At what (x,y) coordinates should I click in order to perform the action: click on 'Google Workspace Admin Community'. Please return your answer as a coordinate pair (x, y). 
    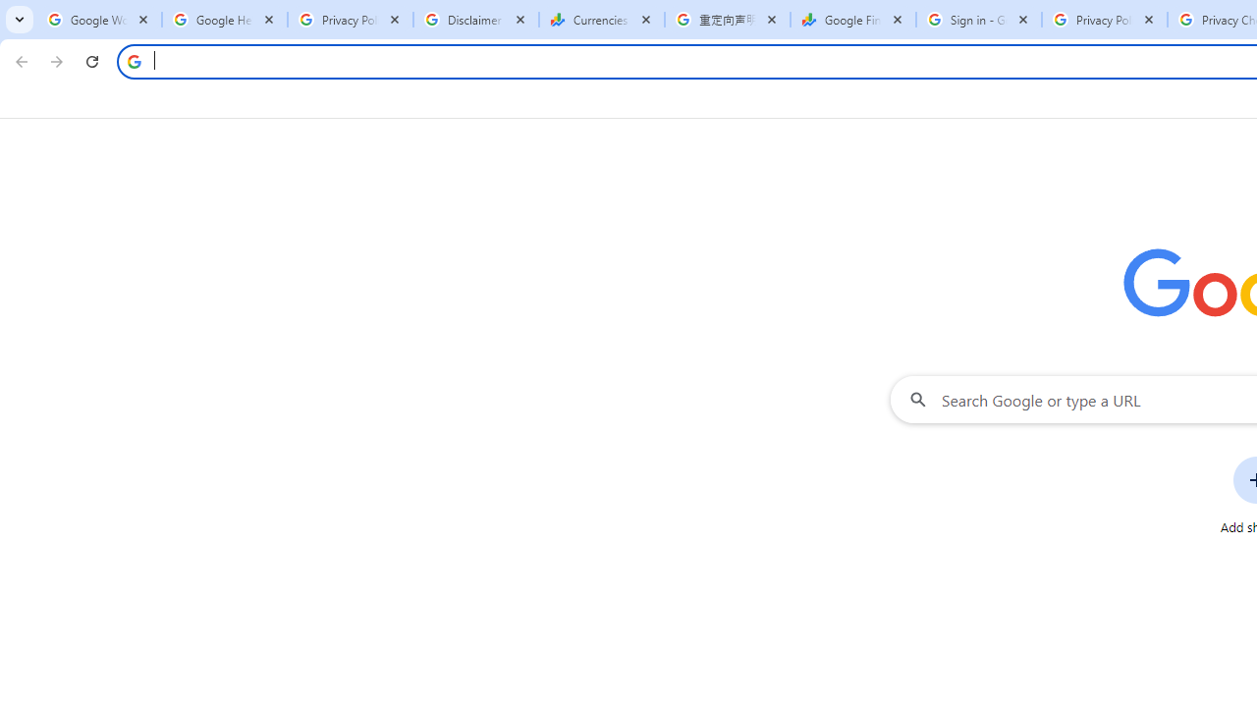
    Looking at the image, I should click on (98, 20).